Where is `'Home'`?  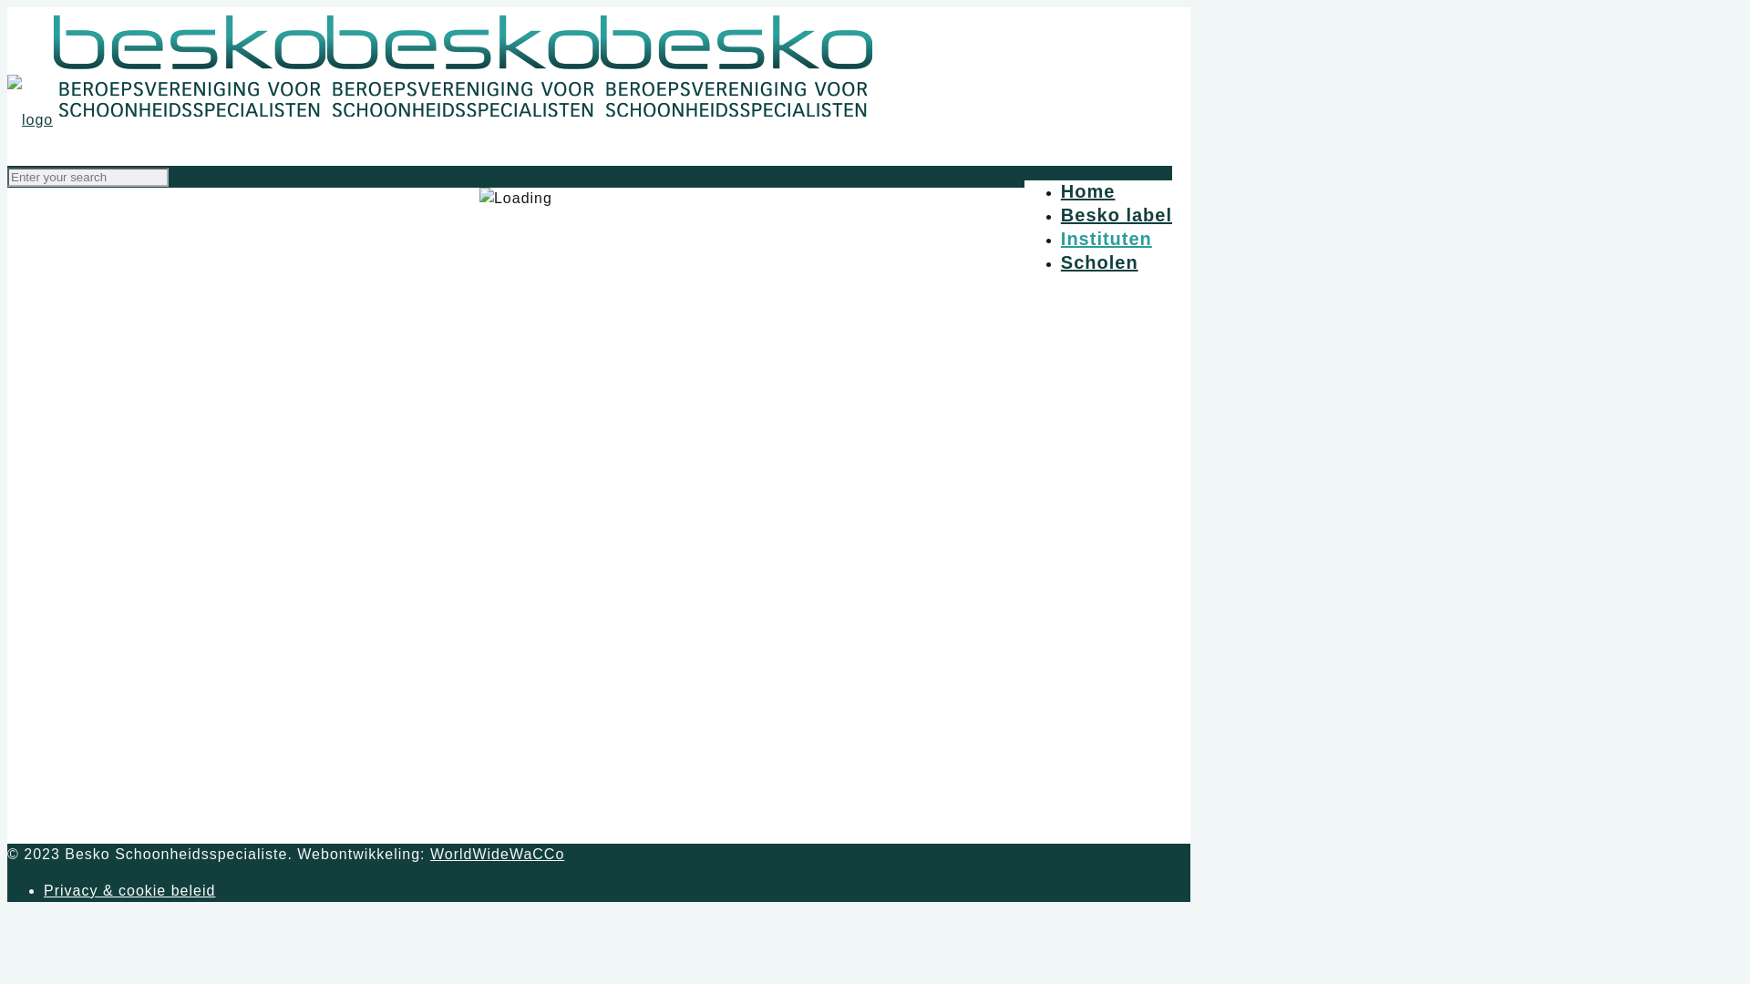
'Home' is located at coordinates (1088, 190).